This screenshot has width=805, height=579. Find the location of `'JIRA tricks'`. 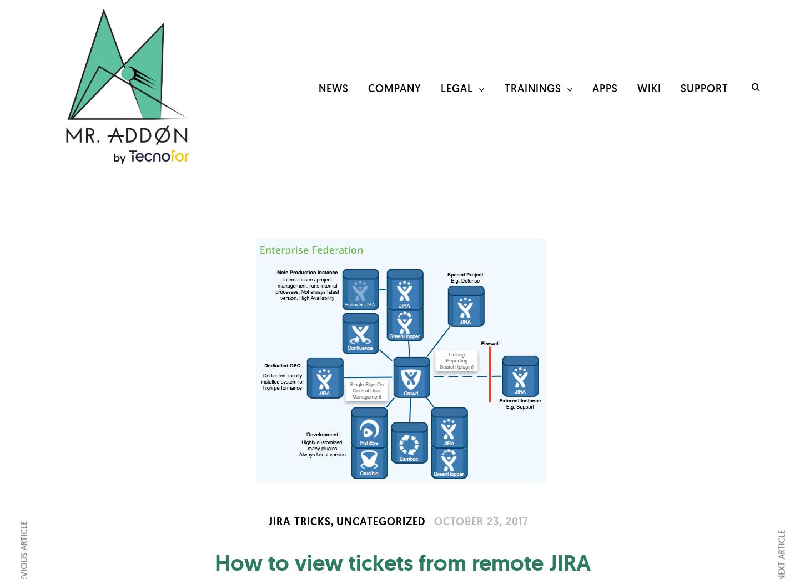

'JIRA tricks' is located at coordinates (299, 520).